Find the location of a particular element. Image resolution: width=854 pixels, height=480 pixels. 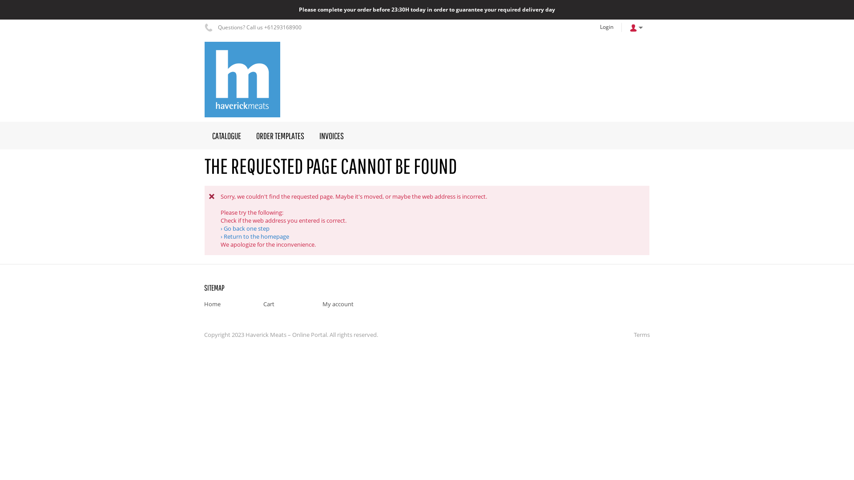

'Terms' is located at coordinates (639, 334).